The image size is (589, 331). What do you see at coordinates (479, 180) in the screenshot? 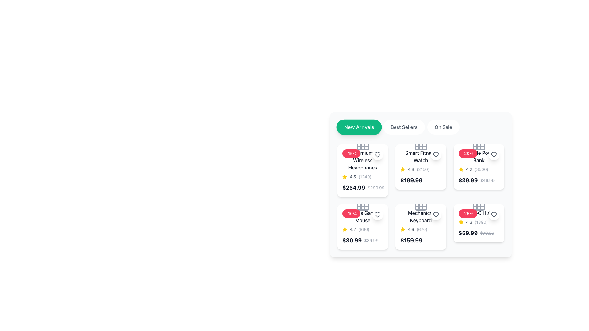
I see `the Price display element showing the current price of '39.99' USD and the original price of '49.99' USD with a discount indication, located under the product title 'Portable Power Bank'` at bounding box center [479, 180].